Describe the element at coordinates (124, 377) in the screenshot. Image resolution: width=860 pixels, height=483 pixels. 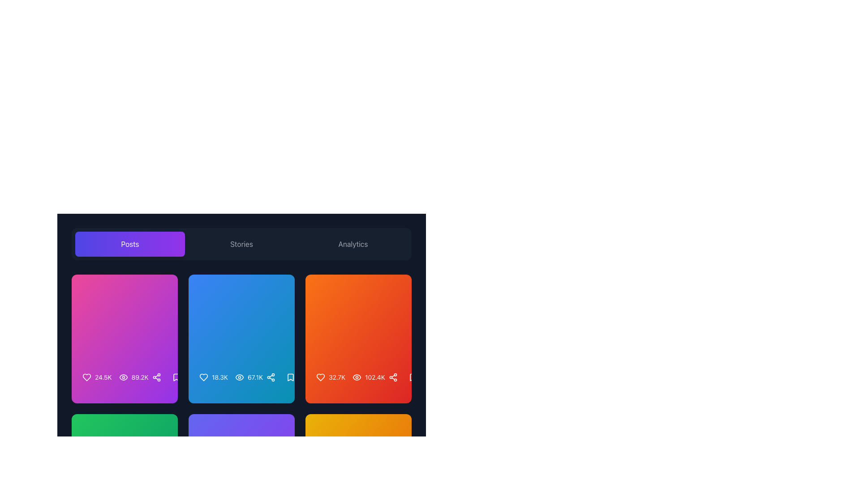
I see `the share icon located in the bottom section of the leftmost card beneath the 'Posts' header to share the content` at that location.